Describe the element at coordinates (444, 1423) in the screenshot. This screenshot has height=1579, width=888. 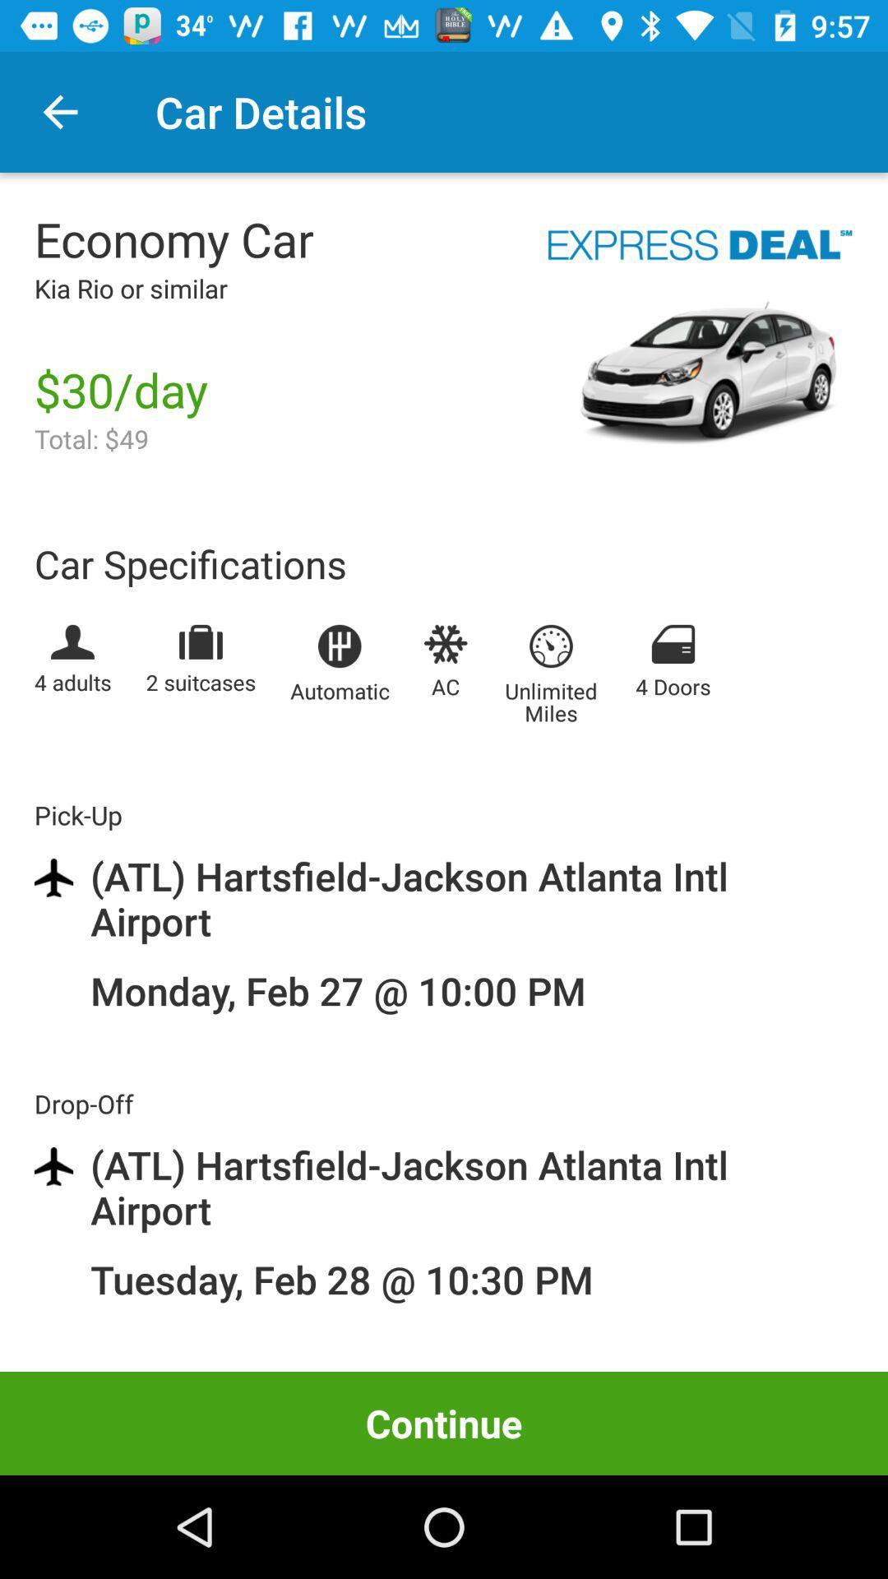
I see `item below the tuesday feb 28` at that location.